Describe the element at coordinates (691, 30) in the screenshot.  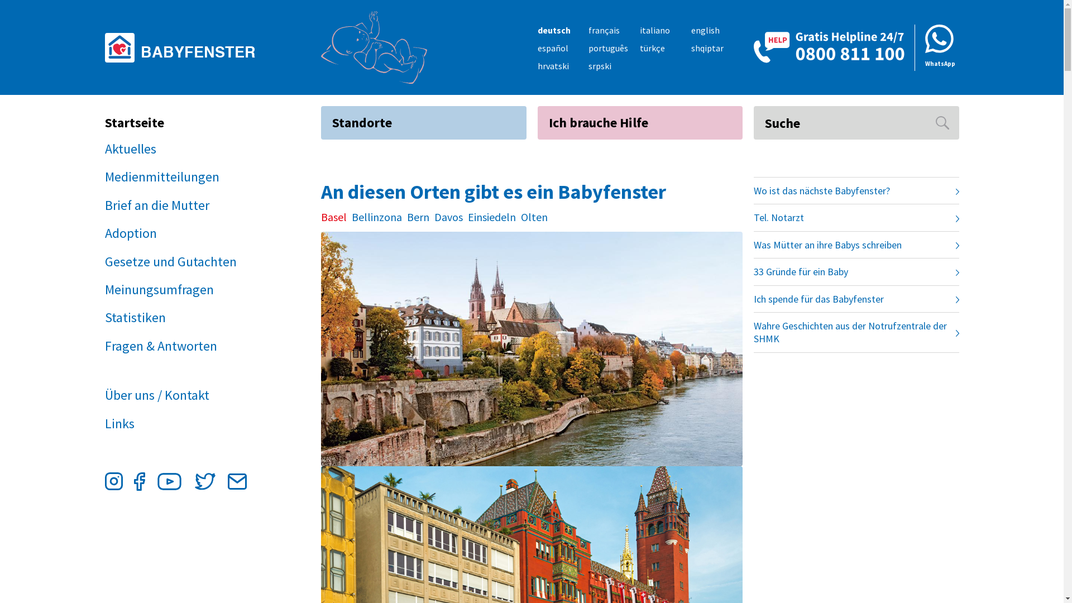
I see `'english'` at that location.